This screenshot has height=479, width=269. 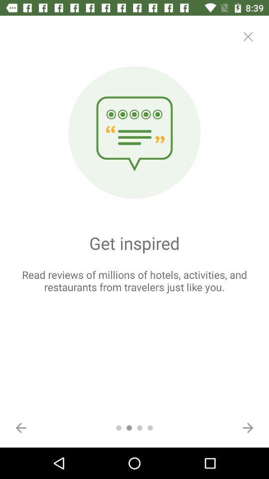 I want to click on item at the bottom left corner, so click(x=21, y=427).